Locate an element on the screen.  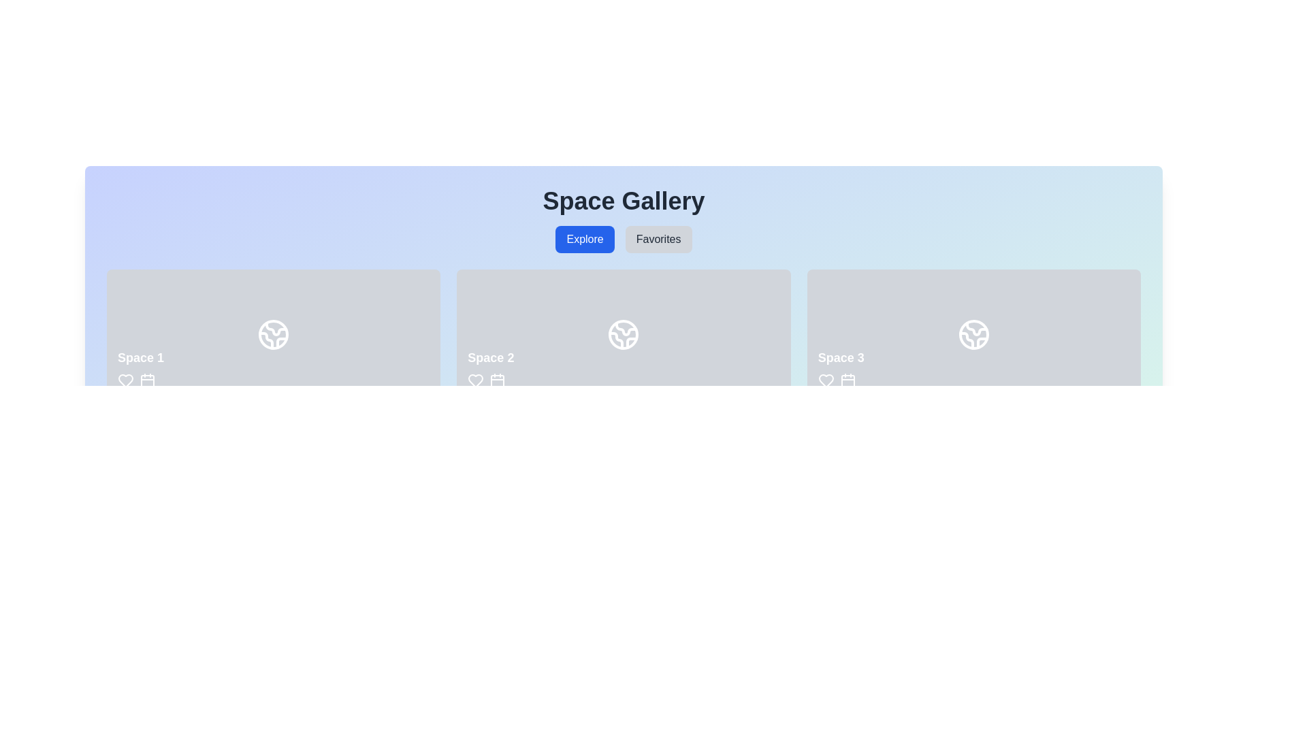
the primary text label located at the bottom-left corner of the third gray box under the main title 'Space Gallery' is located at coordinates (840, 357).